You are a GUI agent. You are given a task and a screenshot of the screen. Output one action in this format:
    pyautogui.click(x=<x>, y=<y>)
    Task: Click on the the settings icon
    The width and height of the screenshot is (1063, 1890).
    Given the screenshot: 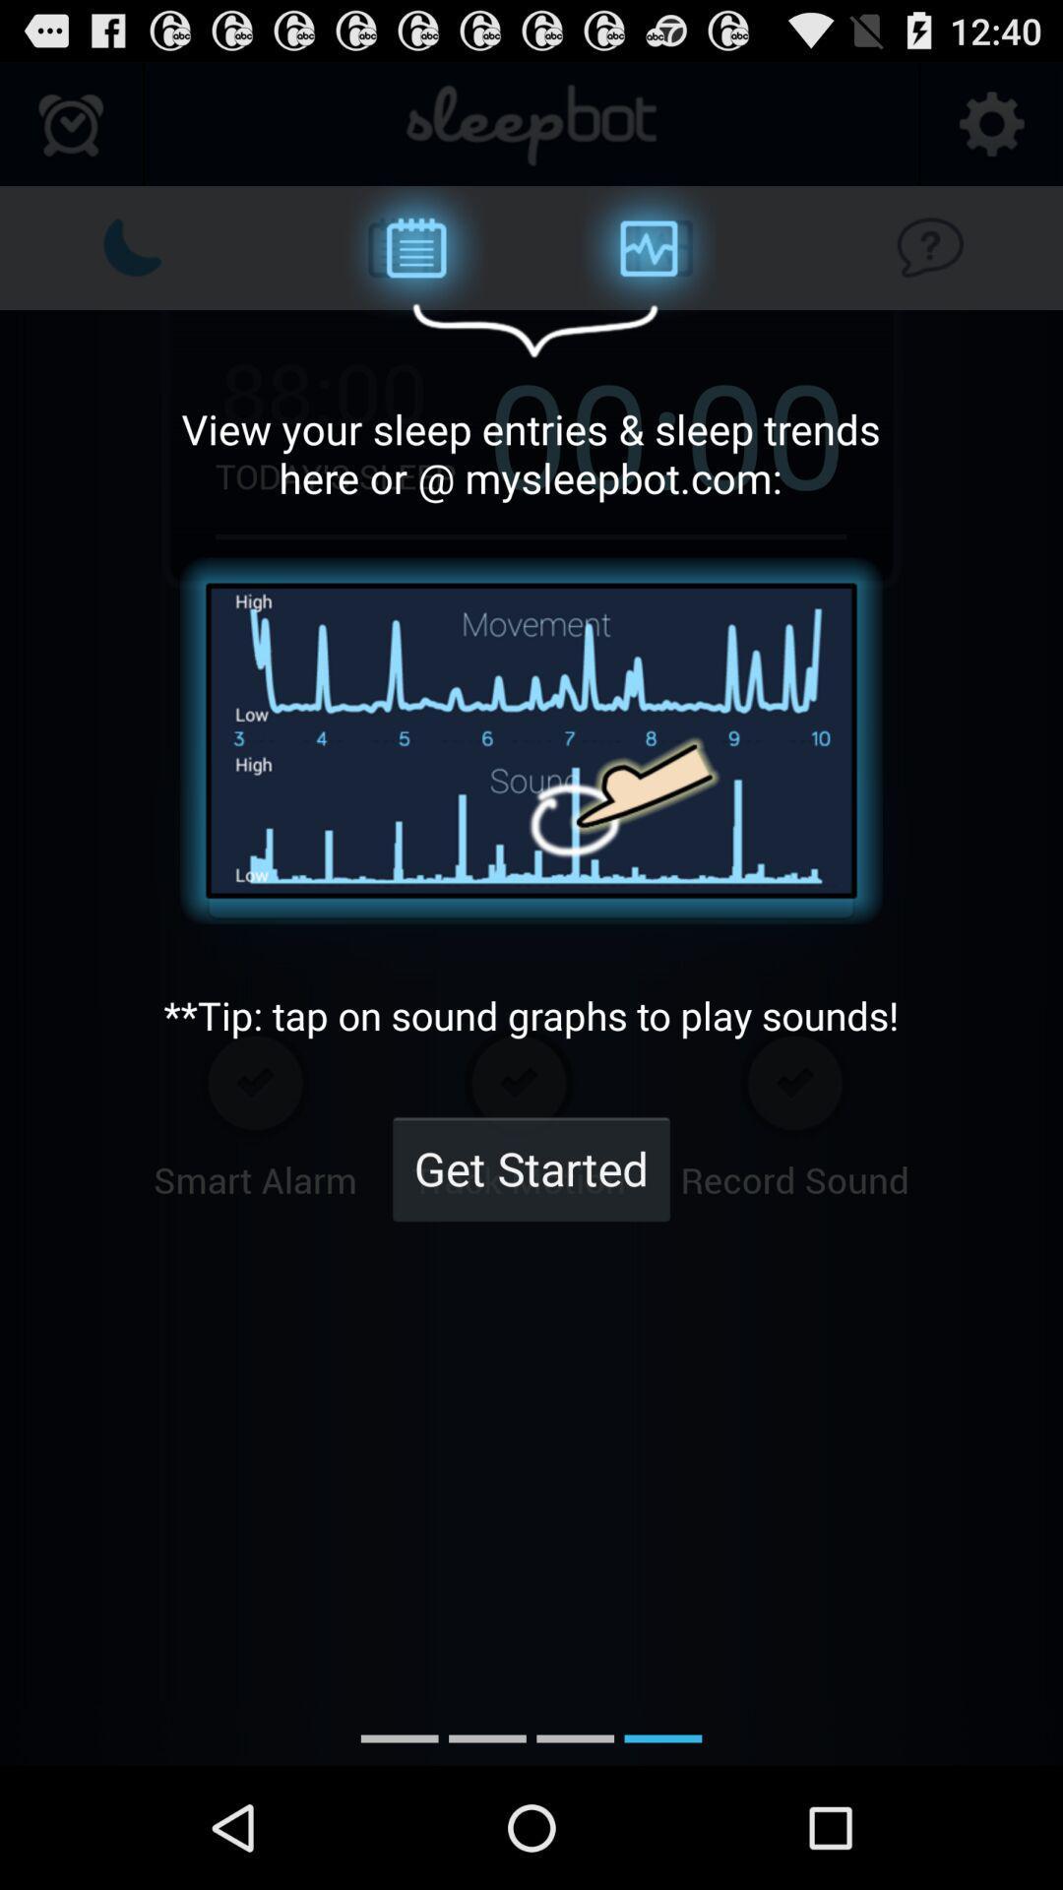 What is the action you would take?
    pyautogui.click(x=990, y=133)
    